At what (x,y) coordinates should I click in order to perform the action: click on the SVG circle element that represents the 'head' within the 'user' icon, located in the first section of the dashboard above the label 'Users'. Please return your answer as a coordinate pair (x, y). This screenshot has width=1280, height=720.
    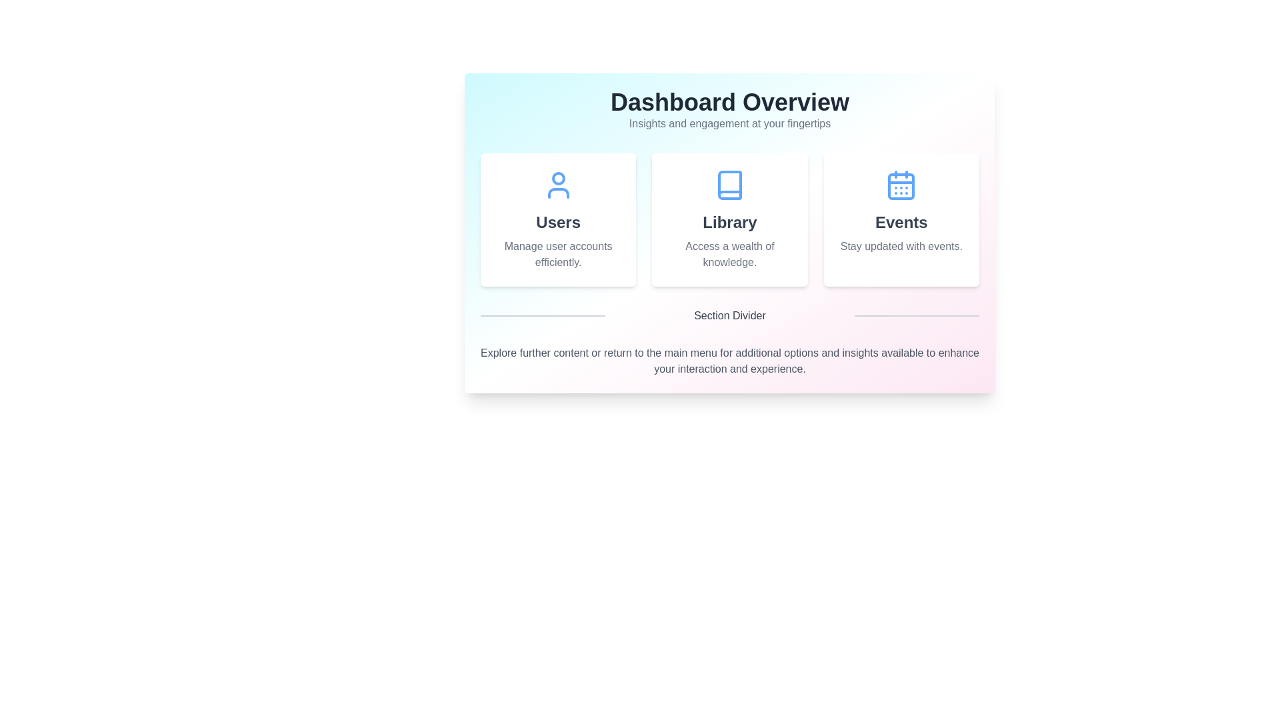
    Looking at the image, I should click on (558, 177).